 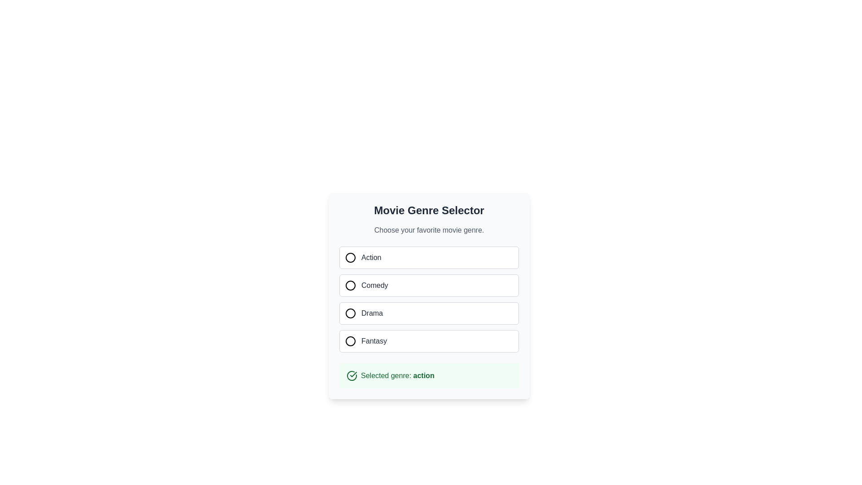 What do you see at coordinates (350, 313) in the screenshot?
I see `the circular graphical representation of the radio button indicating the selected option 'Drama' in the 'Movie Genre Selector' list` at bounding box center [350, 313].